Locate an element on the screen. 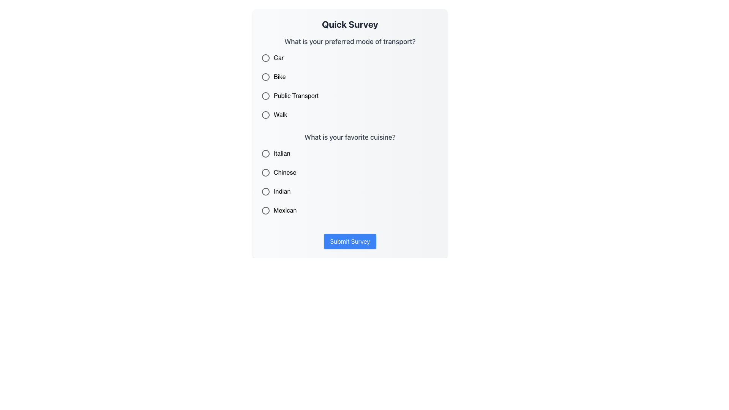  the circular radio button adjacent to the label 'Car' is located at coordinates (266, 58).